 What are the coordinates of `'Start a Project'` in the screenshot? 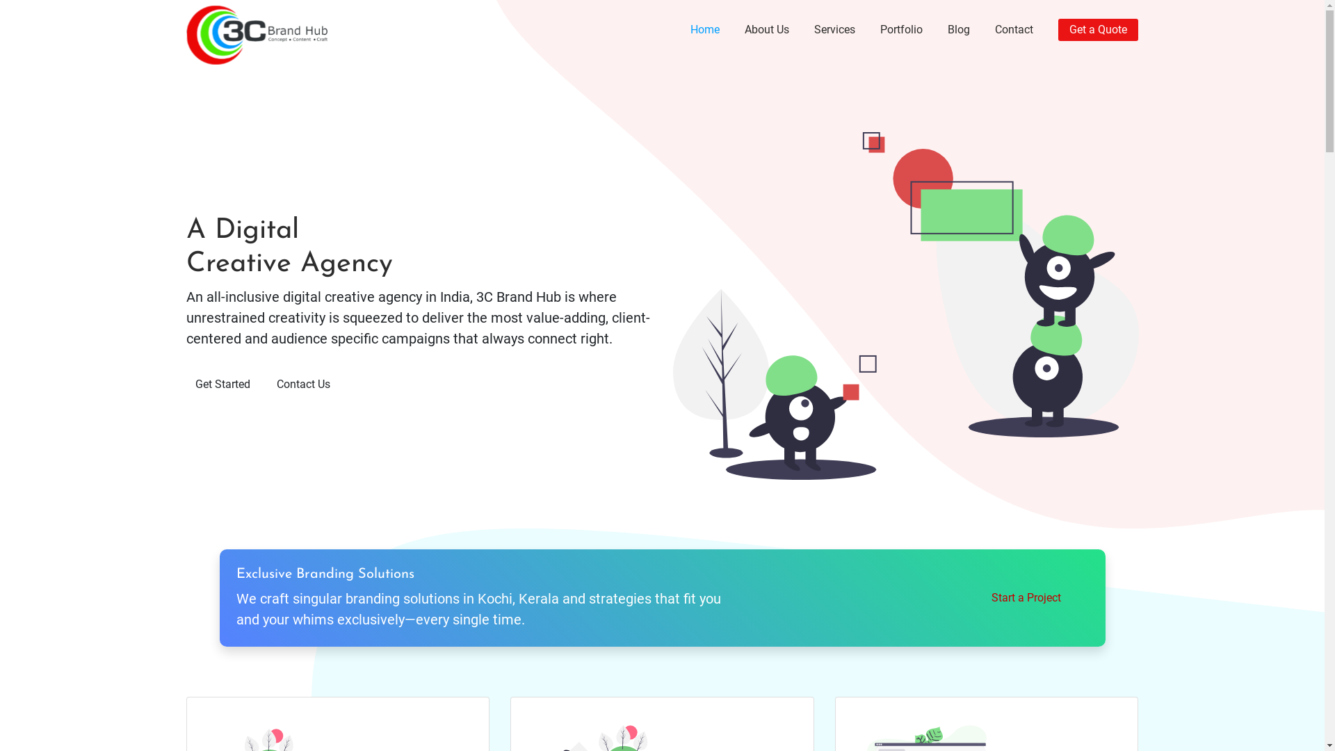 It's located at (1026, 597).